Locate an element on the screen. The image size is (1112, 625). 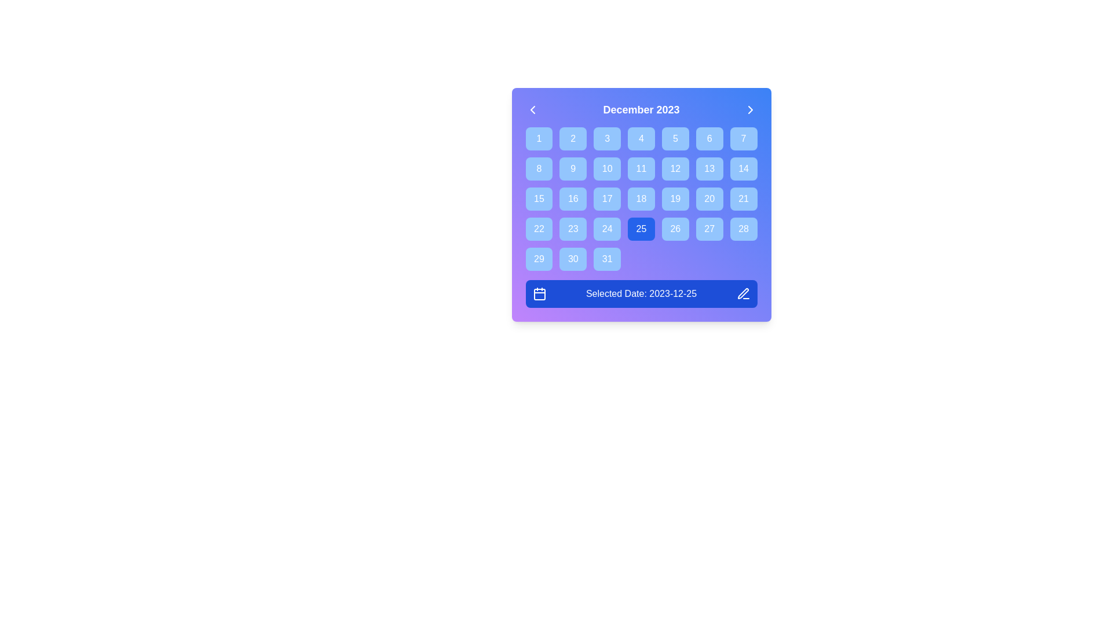
the chevron arrow button in the calendar header to move forward in the calendar is located at coordinates (750, 109).